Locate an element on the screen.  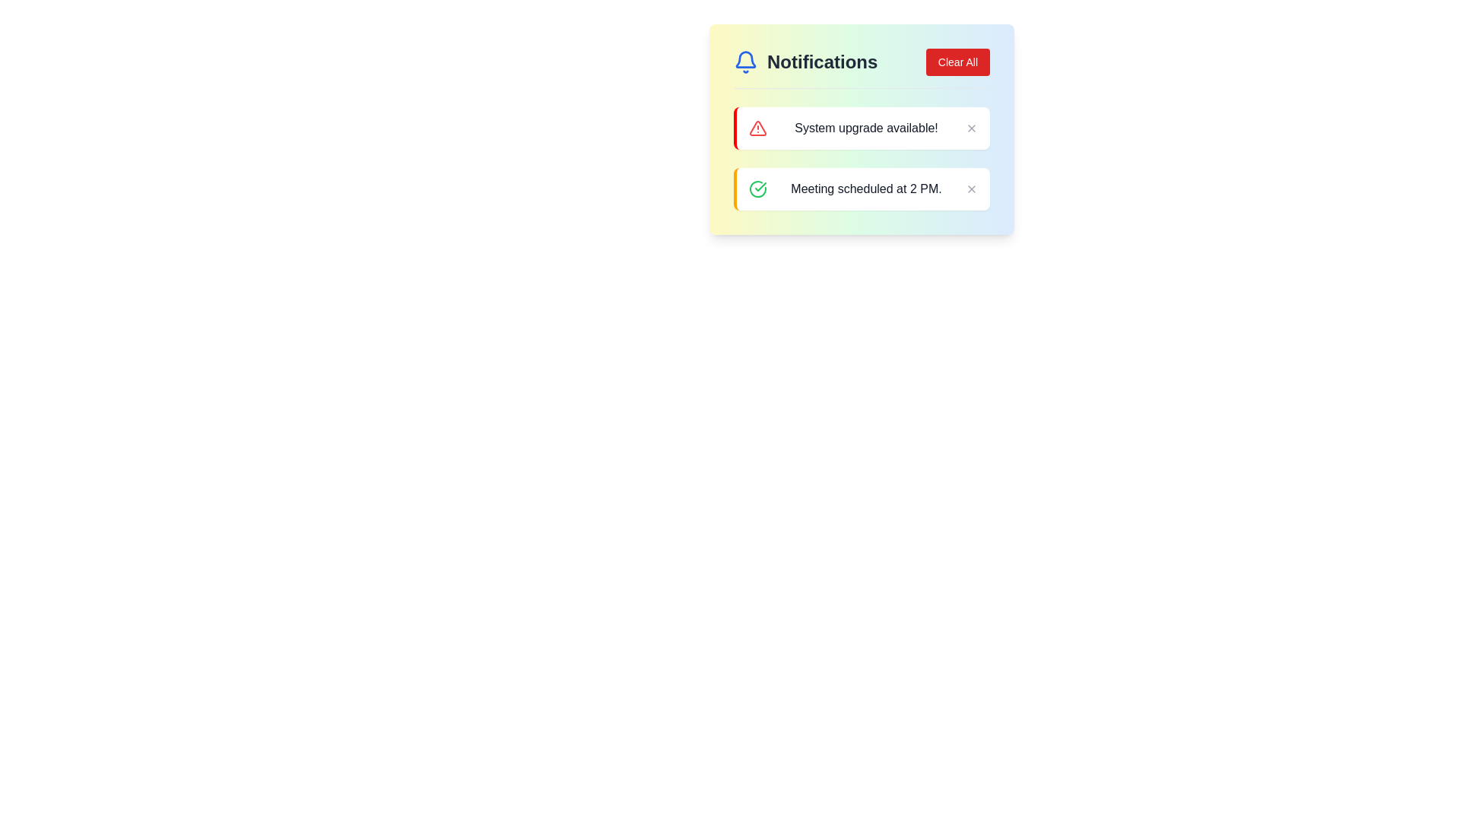
success or confirmation icon located to the left of the notification titled 'Meeting scheduled at 2 PM.' is located at coordinates (758, 189).